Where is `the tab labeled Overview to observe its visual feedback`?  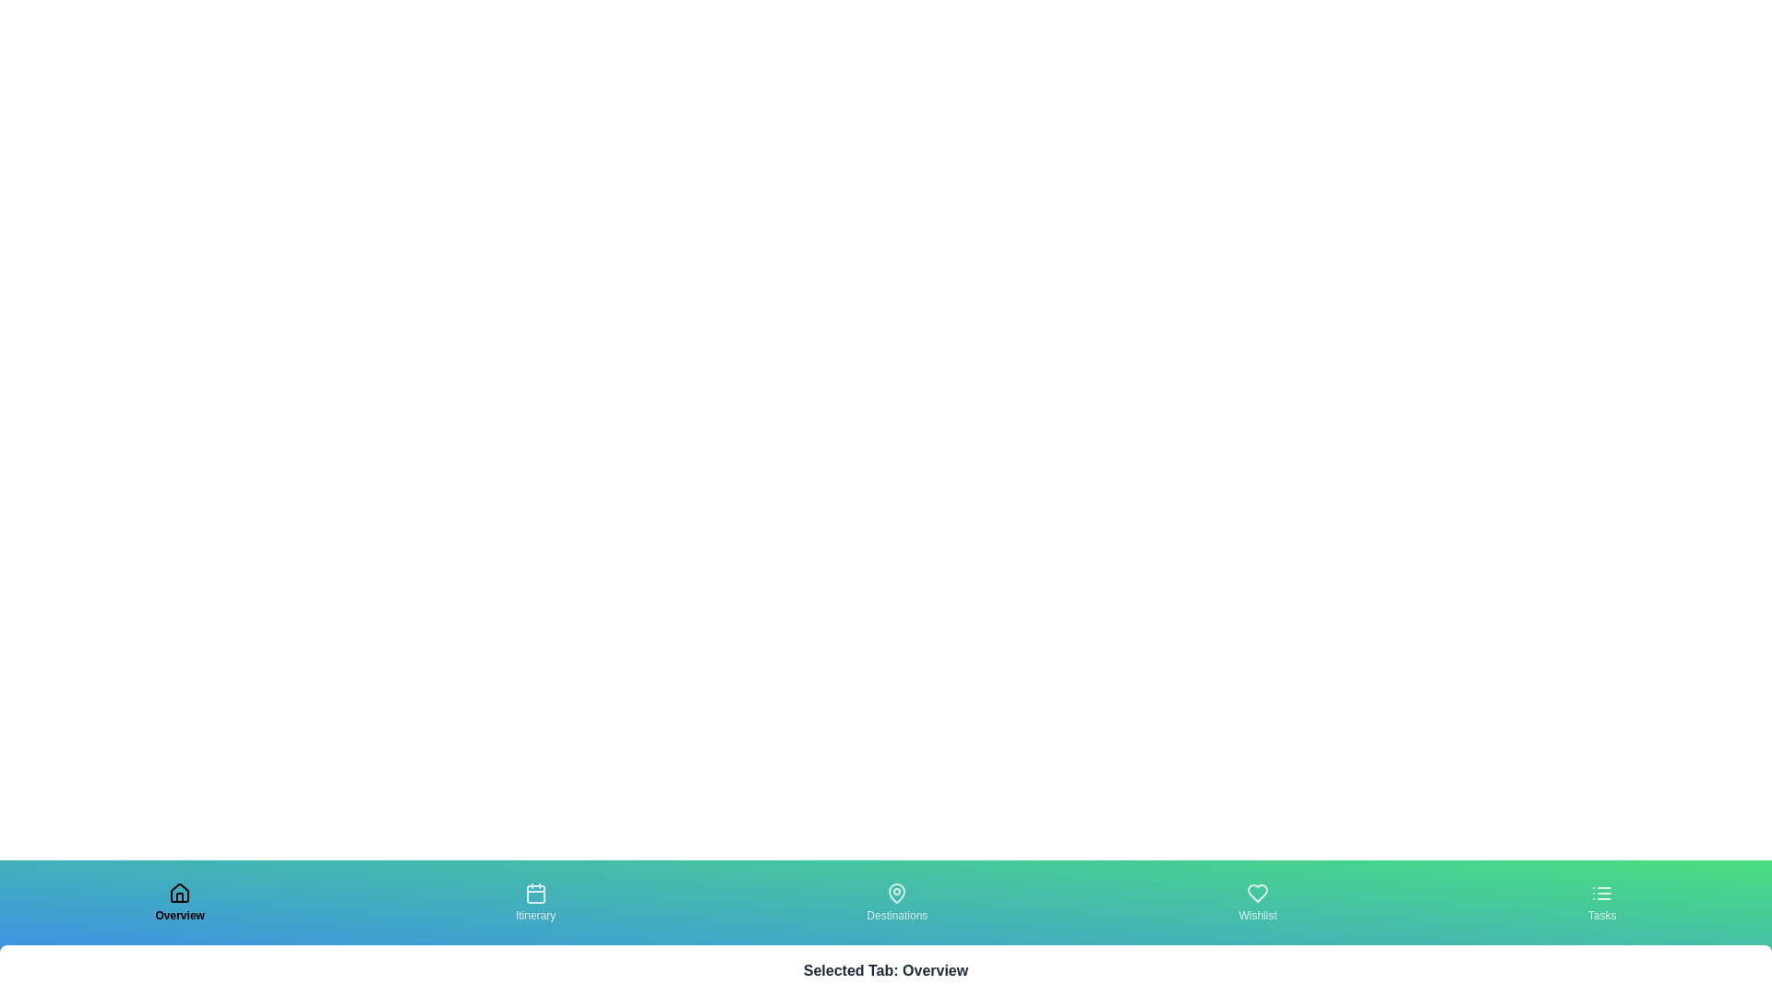 the tab labeled Overview to observe its visual feedback is located at coordinates (180, 902).